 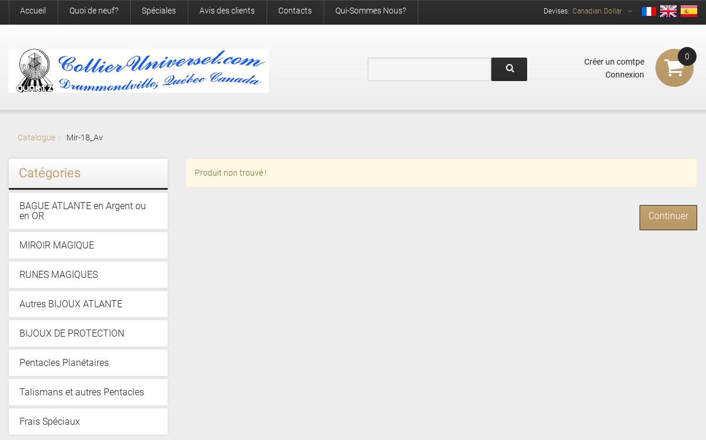 I want to click on 'Accueil', so click(x=33, y=10).